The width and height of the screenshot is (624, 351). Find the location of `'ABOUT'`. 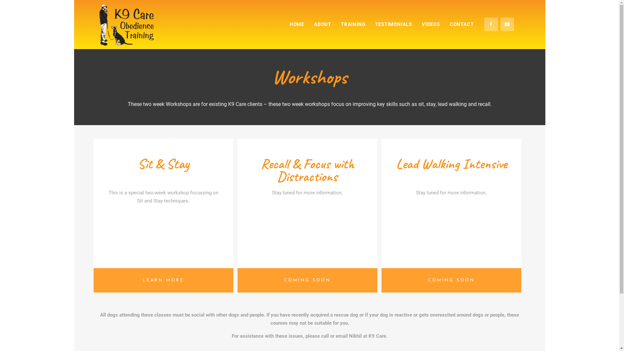

'ABOUT' is located at coordinates (322, 24).